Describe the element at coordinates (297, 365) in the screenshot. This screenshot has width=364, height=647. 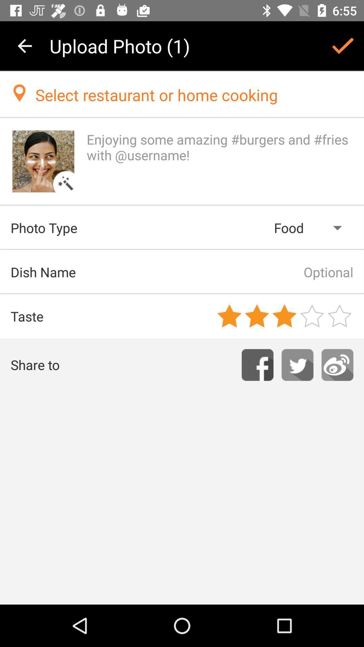
I see `share to twitter` at that location.